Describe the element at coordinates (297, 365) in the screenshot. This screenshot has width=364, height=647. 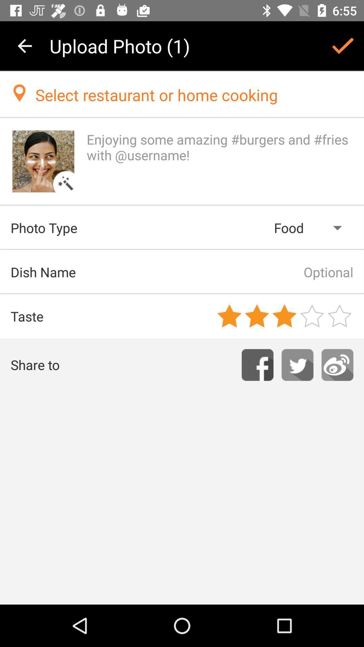
I see `share to twitter` at that location.